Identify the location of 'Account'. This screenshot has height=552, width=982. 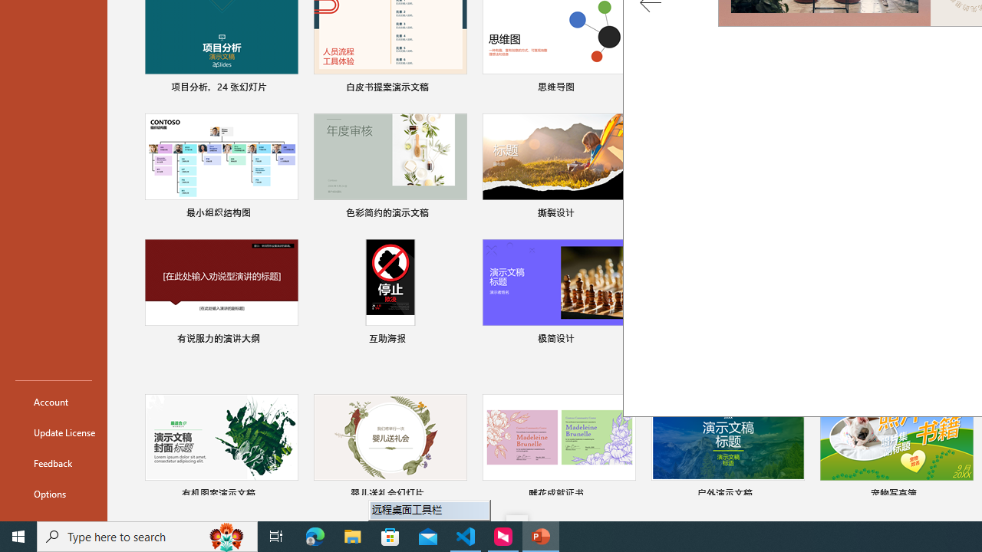
(53, 401).